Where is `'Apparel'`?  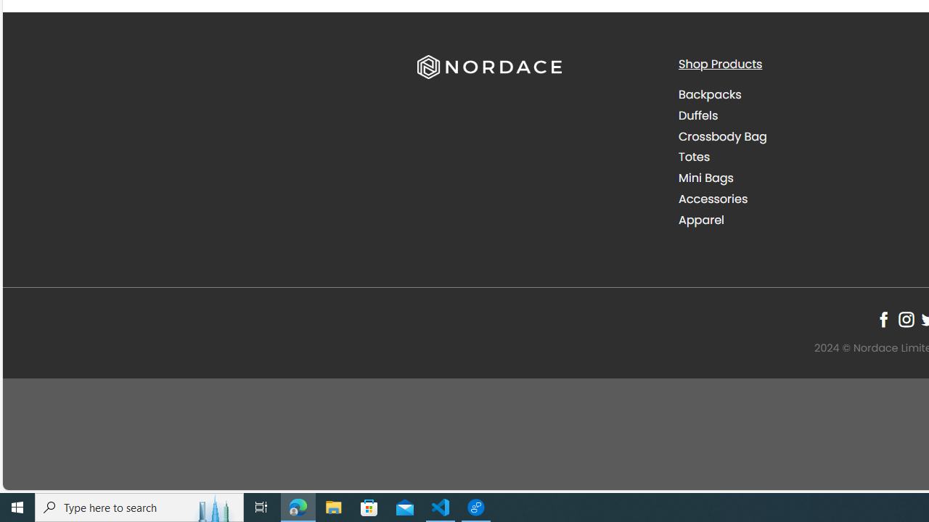 'Apparel' is located at coordinates (701, 220).